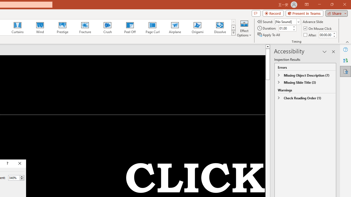  I want to click on 'Percent', so click(14, 178).